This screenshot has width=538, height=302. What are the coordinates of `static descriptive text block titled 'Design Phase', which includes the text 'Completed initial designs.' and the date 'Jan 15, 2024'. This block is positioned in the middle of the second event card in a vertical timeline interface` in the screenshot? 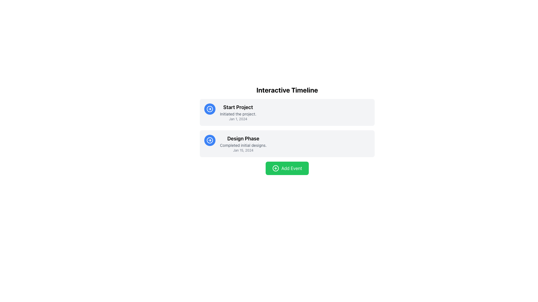 It's located at (243, 143).